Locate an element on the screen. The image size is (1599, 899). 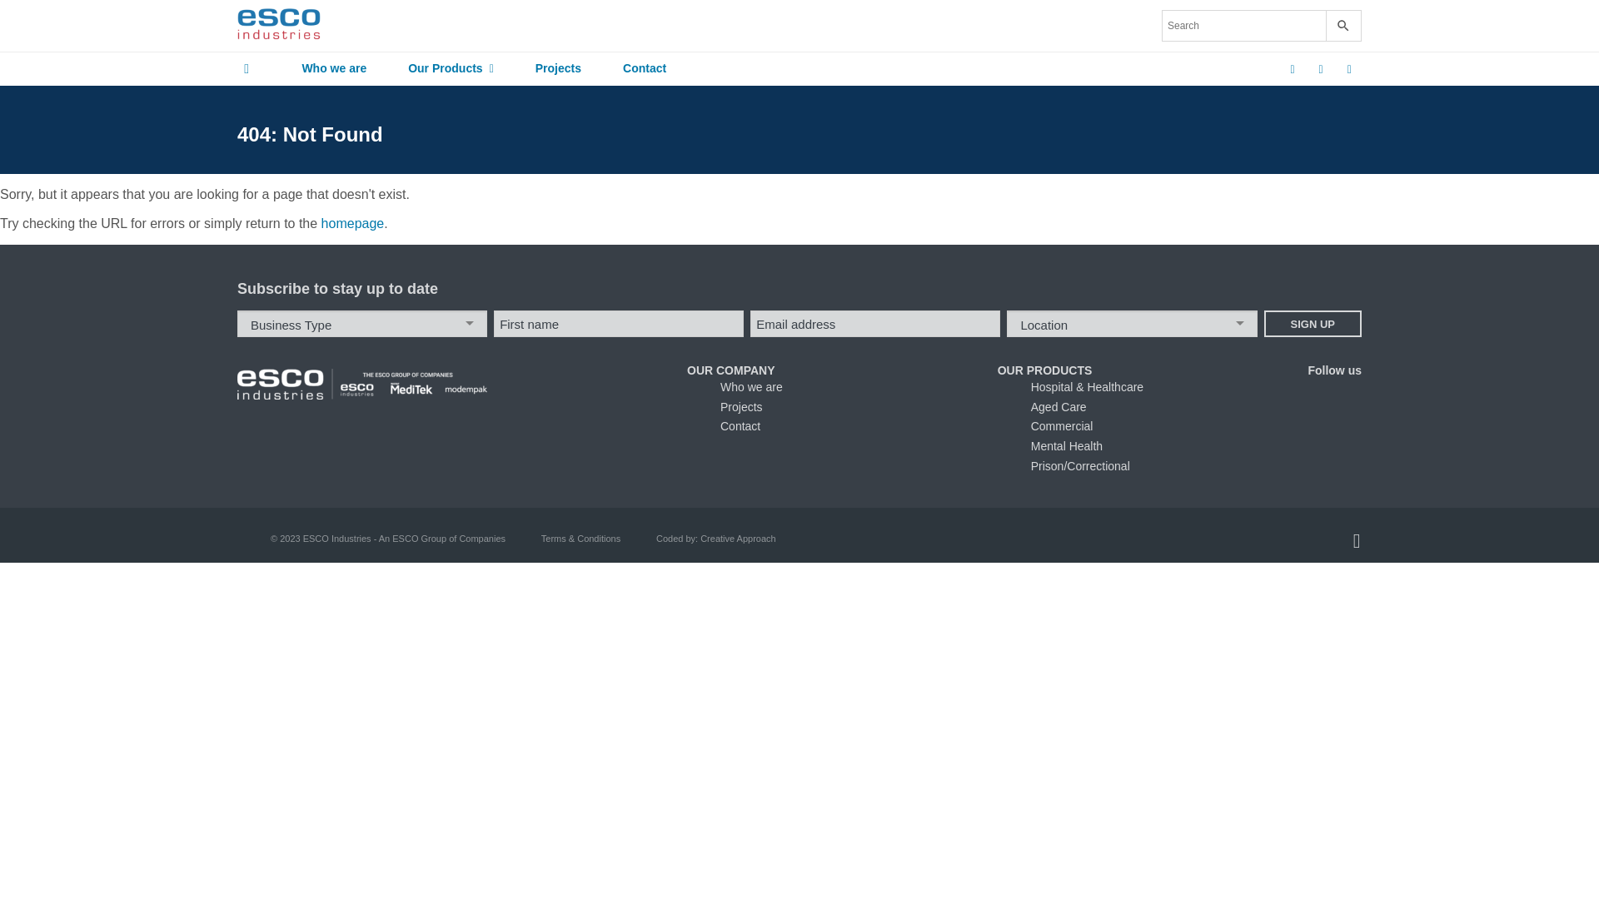
'Our Products' is located at coordinates (451, 68).